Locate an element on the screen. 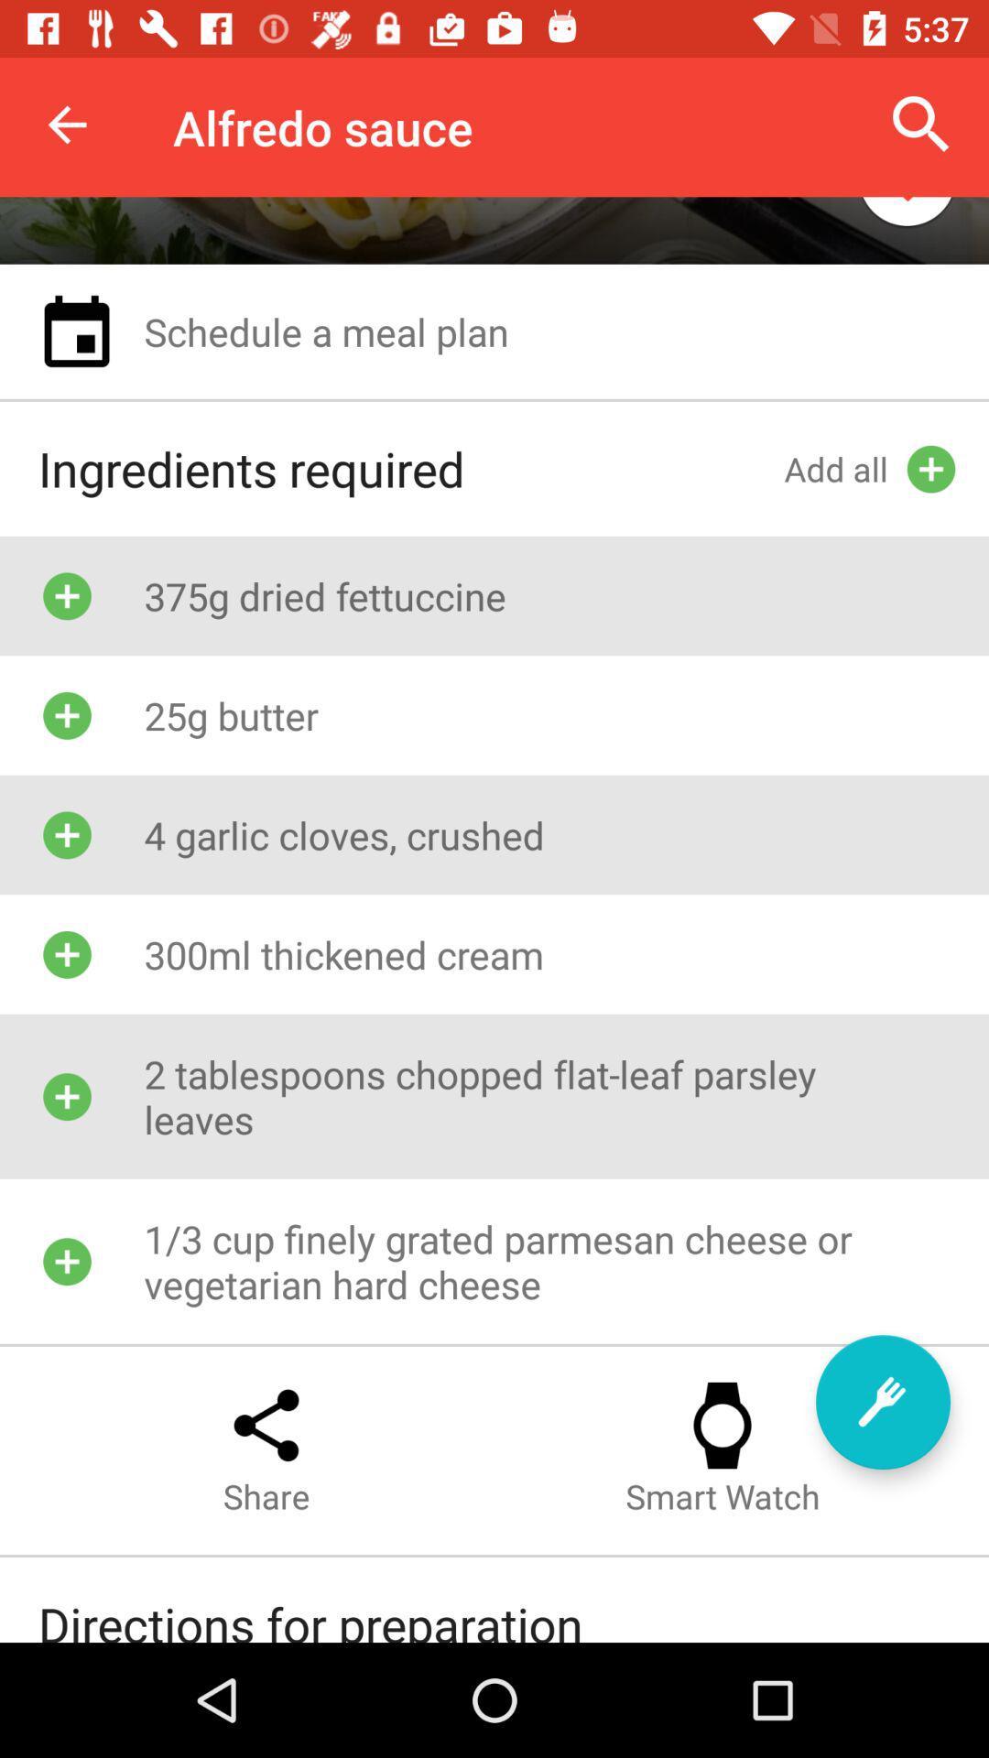 The width and height of the screenshot is (989, 1758). cook is located at coordinates (882, 1401).